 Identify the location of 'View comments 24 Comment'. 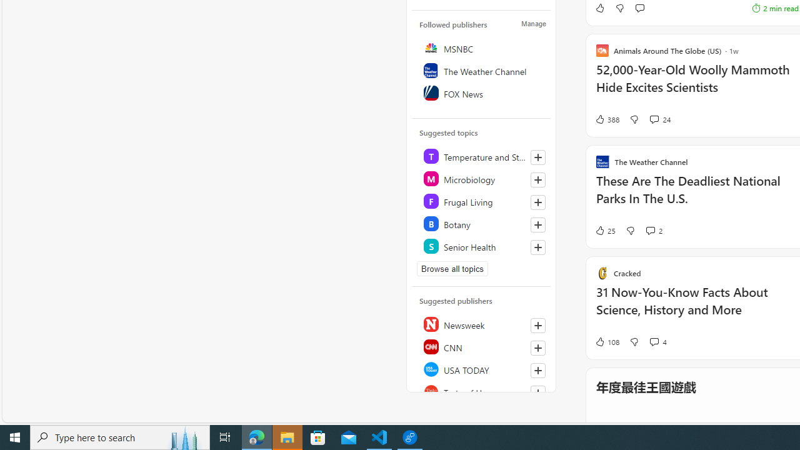
(653, 119).